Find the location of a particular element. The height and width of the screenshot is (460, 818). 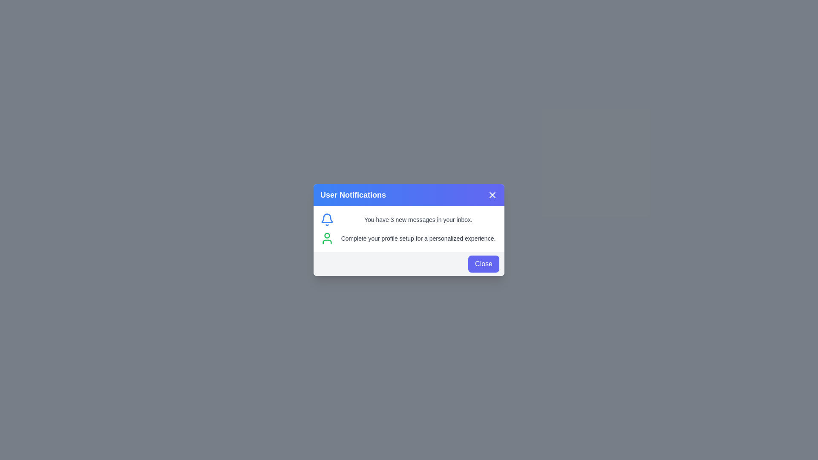

the close button located on the far right of the notification header, adjacent to the 'User Notifications' title is located at coordinates (493, 195).